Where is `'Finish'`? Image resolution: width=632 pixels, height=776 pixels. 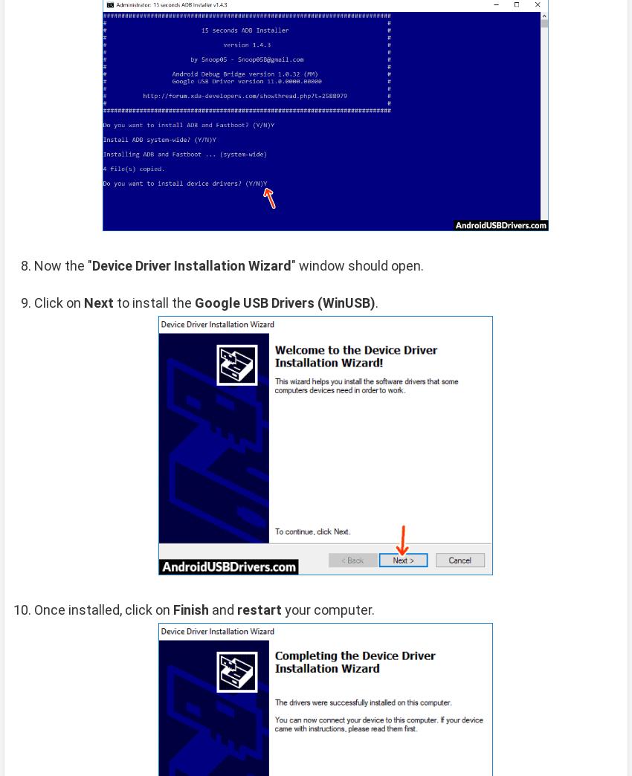
'Finish' is located at coordinates (190, 609).